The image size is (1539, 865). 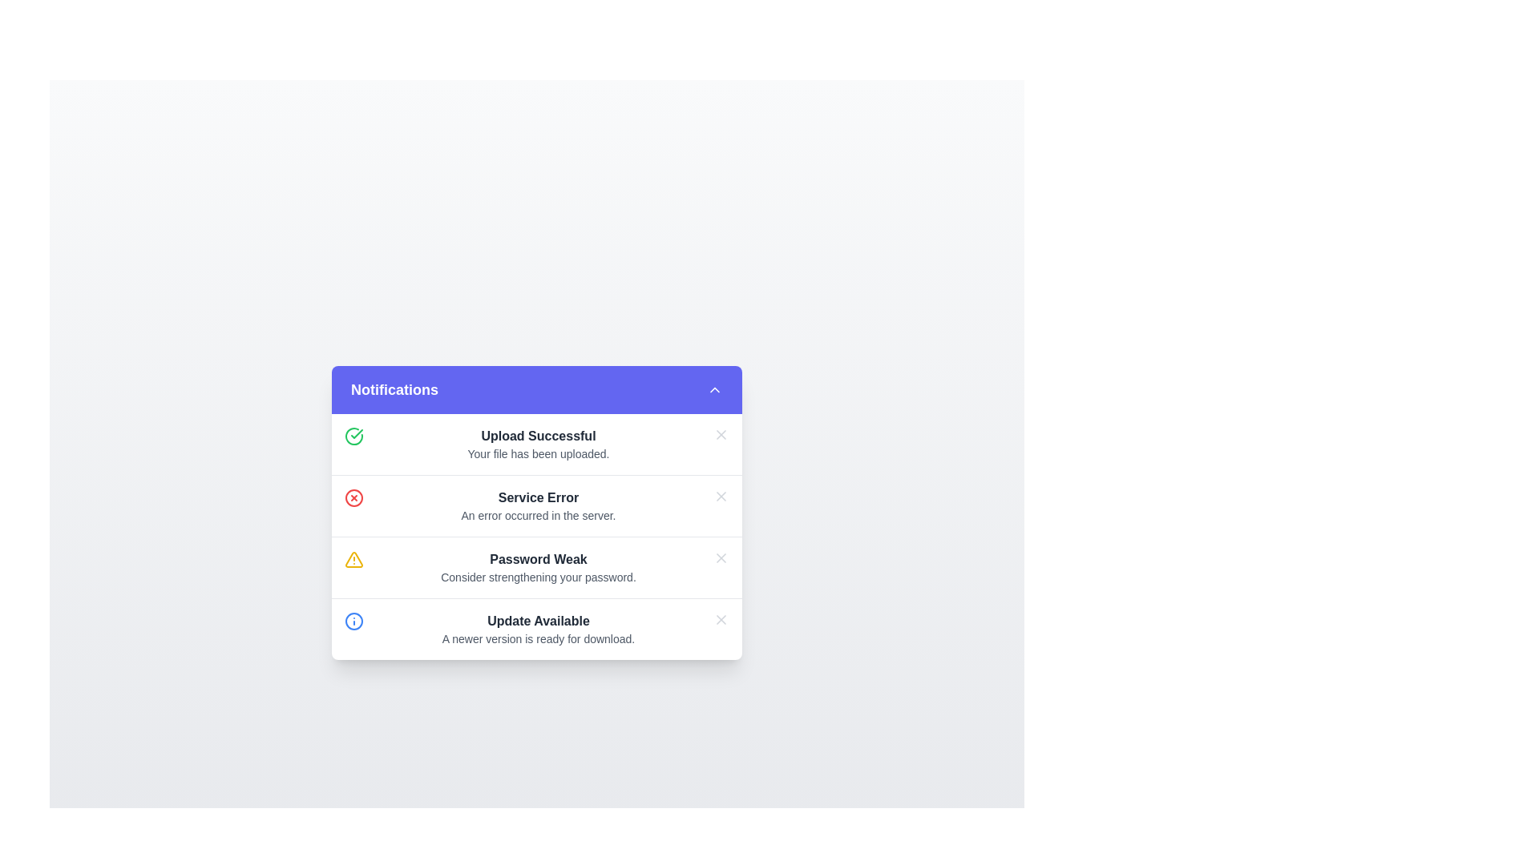 I want to click on the button located in the header section of the notification panel, adjacent to the title 'Notifications', so click(x=714, y=389).